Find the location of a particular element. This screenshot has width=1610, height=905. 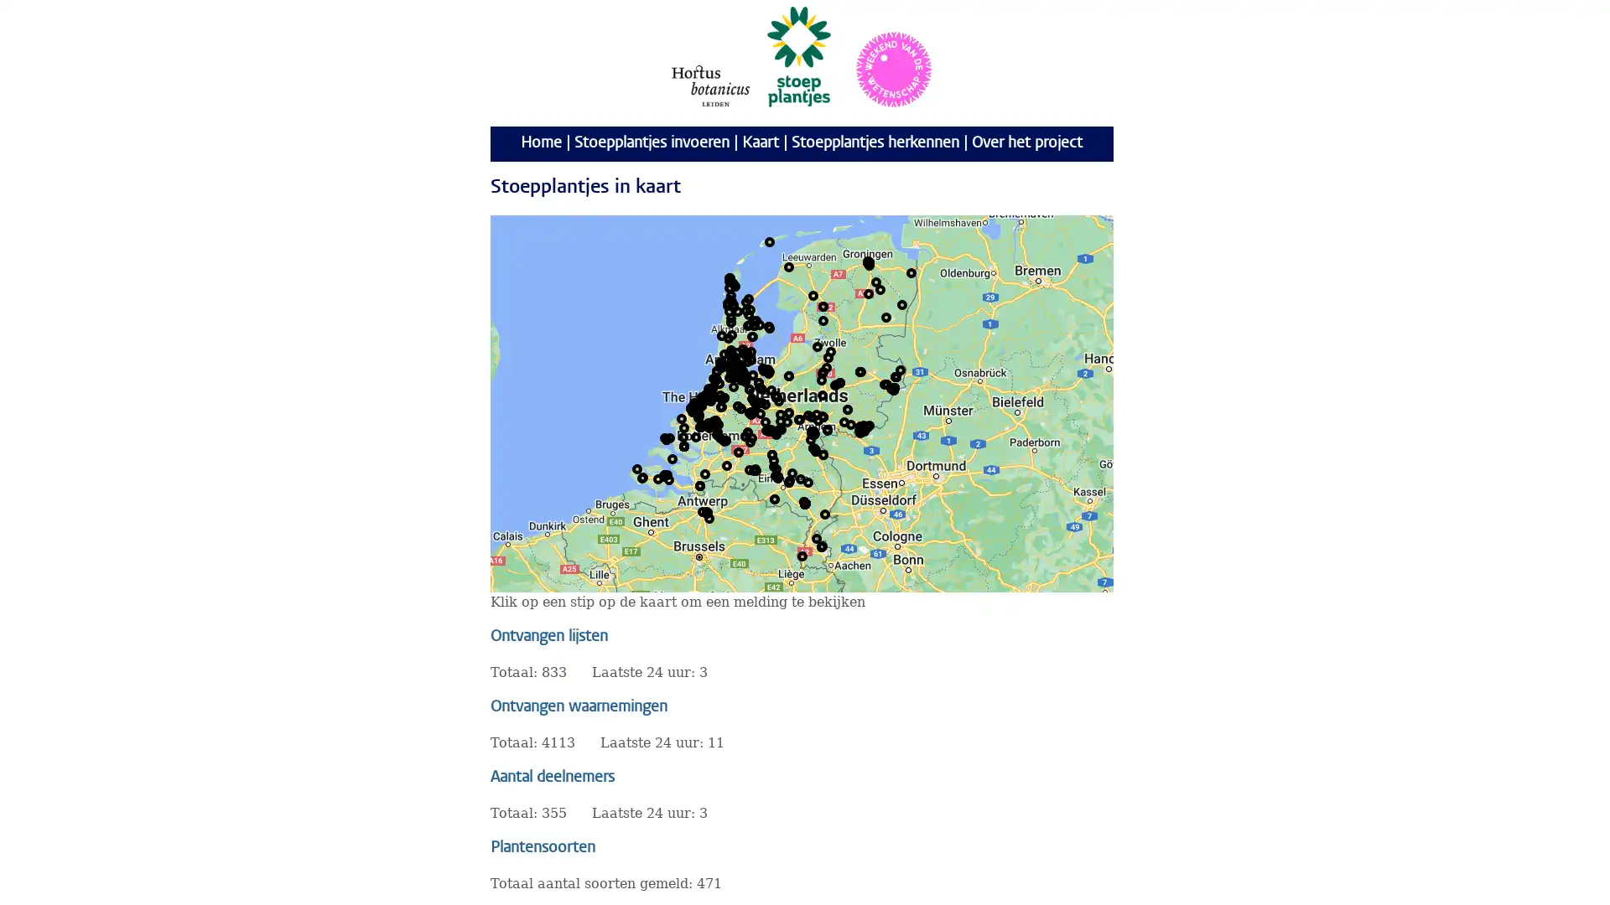

Telling van Mien Kluiters op 14 oktober 2021 is located at coordinates (711, 394).